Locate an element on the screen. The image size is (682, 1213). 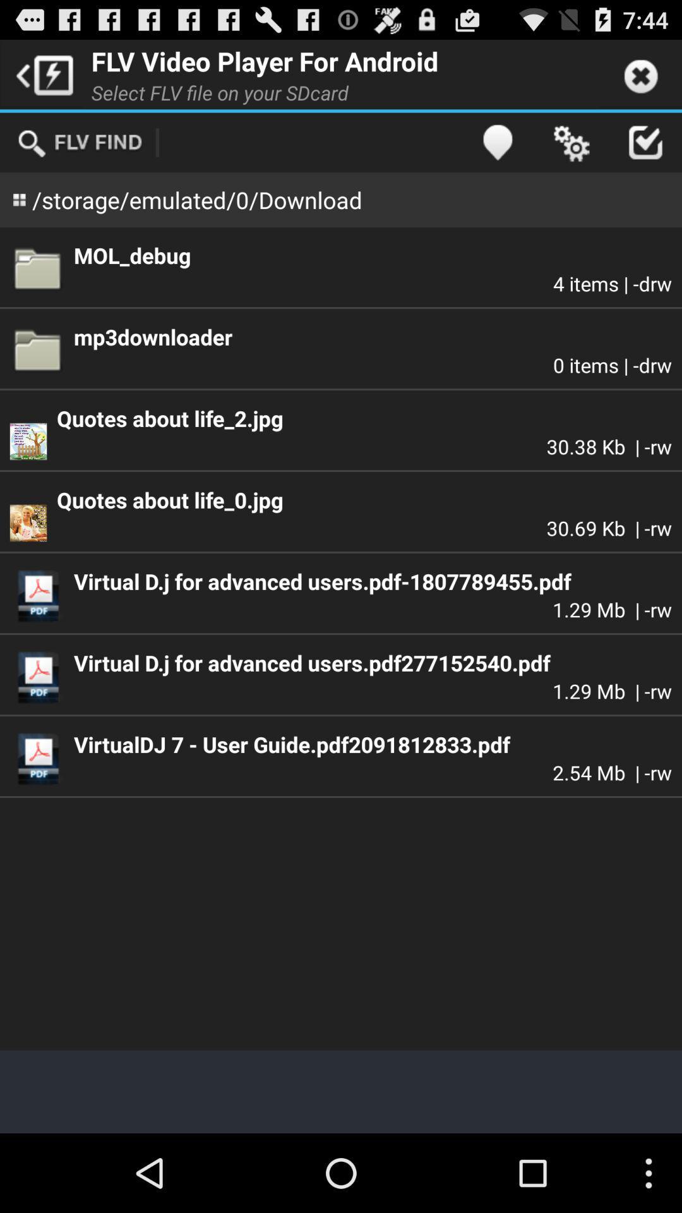
the location icon is located at coordinates (496, 152).